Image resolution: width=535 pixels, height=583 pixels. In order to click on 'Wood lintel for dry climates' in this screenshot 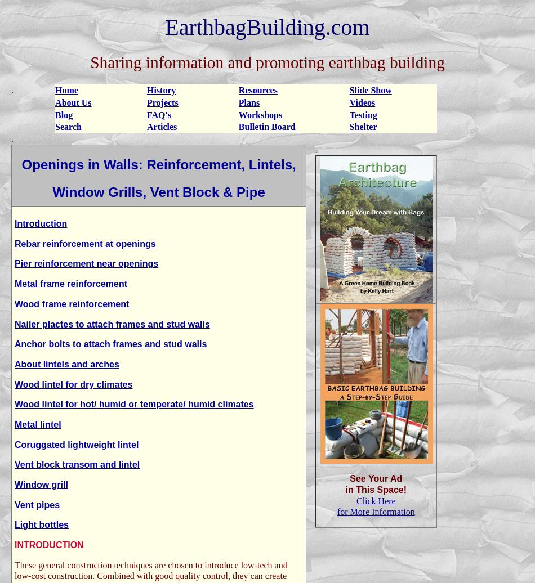, I will do `click(73, 384)`.